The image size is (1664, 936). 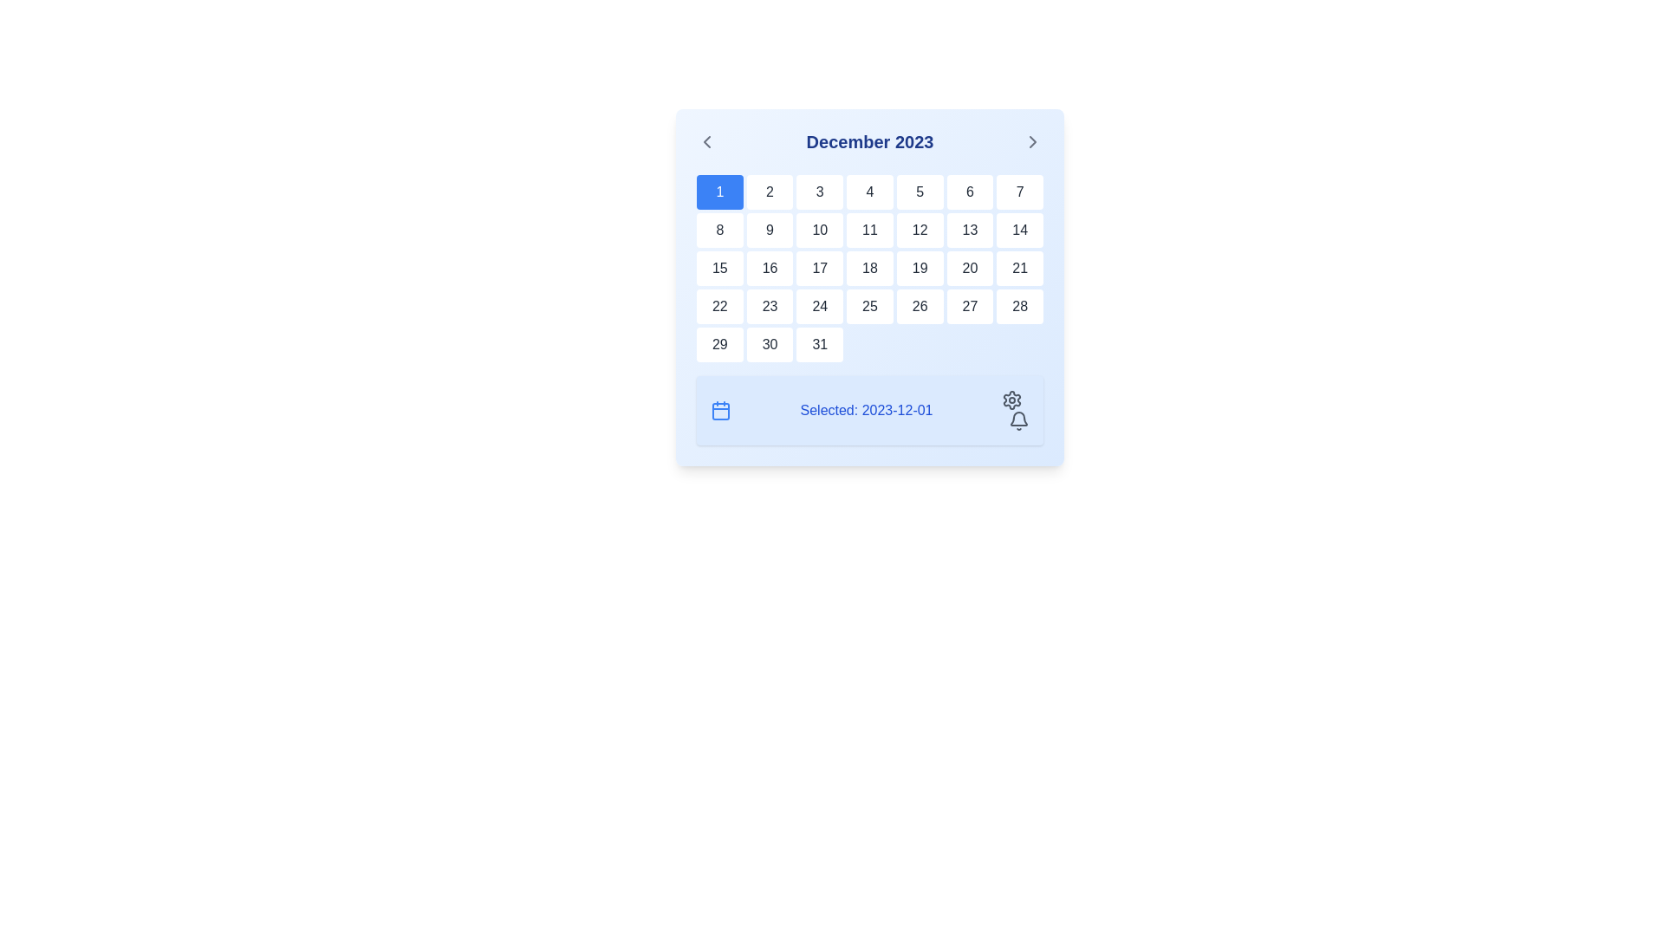 What do you see at coordinates (866, 411) in the screenshot?
I see `the text label displaying 'Selected: 2023-12-01' in blue text, located at the bottom section of the calendar interface` at bounding box center [866, 411].